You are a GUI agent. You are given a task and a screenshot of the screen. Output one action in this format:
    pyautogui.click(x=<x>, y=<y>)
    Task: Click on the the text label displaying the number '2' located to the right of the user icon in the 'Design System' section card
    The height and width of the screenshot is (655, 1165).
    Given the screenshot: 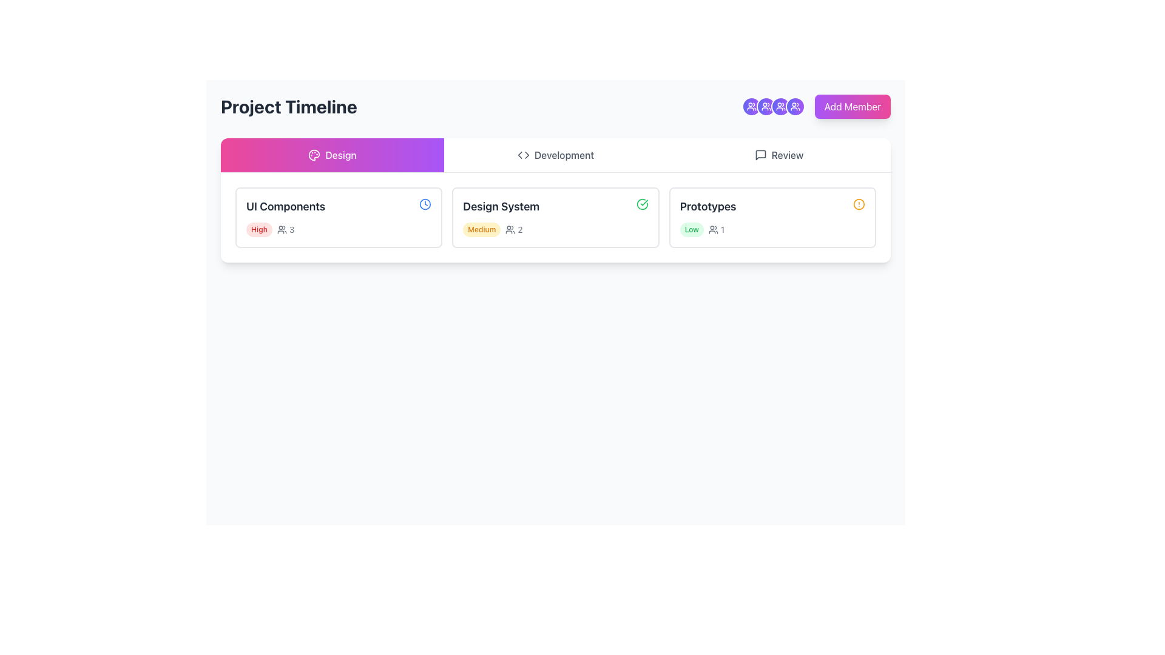 What is the action you would take?
    pyautogui.click(x=520, y=229)
    